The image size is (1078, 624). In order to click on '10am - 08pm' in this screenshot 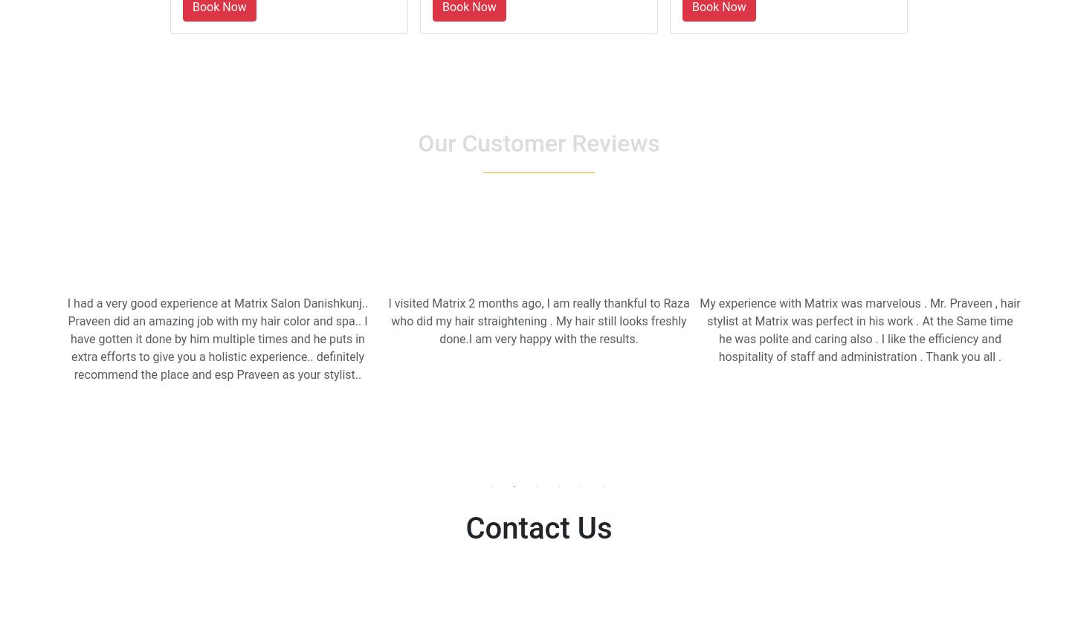, I will do `click(577, 605)`.